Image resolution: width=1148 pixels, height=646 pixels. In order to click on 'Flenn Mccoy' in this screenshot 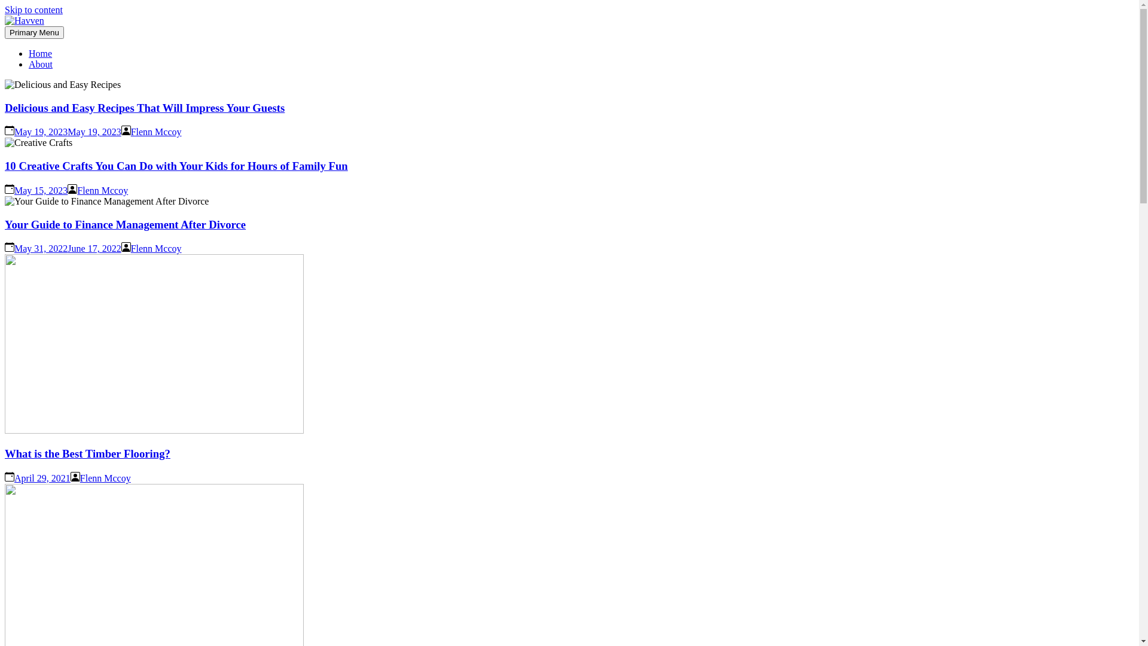, I will do `click(105, 477)`.